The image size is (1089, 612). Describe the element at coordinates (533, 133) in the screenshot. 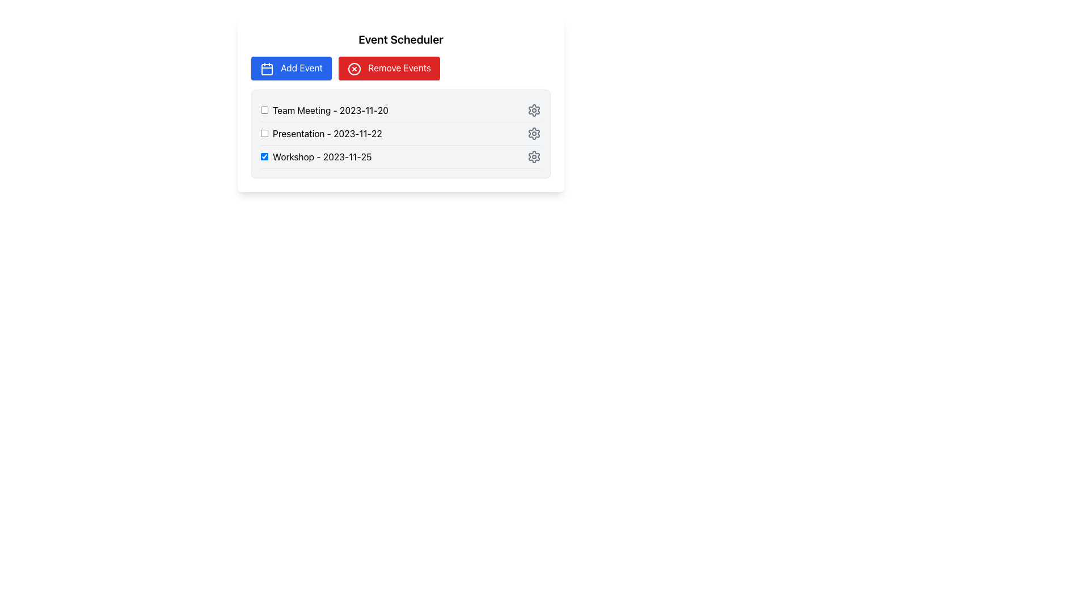

I see `the outer structure of the settings gear icon located to the right of the item titled 'Presentation - 2023-11-22' in the settings panel` at that location.